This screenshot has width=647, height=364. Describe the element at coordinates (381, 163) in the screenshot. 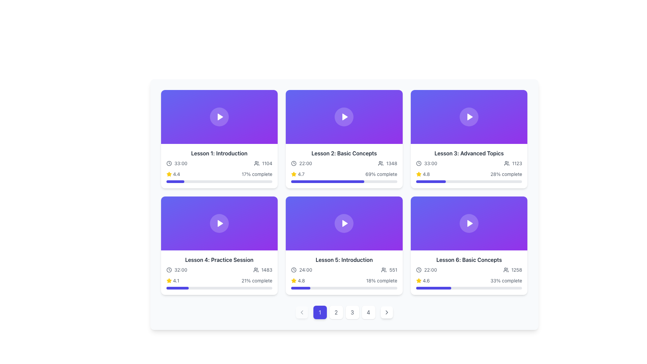

I see `the SVG-based decorative icon that represents a group of people, which indicates the number of users associated with 'Lesson 2: Basic Concepts.'` at that location.